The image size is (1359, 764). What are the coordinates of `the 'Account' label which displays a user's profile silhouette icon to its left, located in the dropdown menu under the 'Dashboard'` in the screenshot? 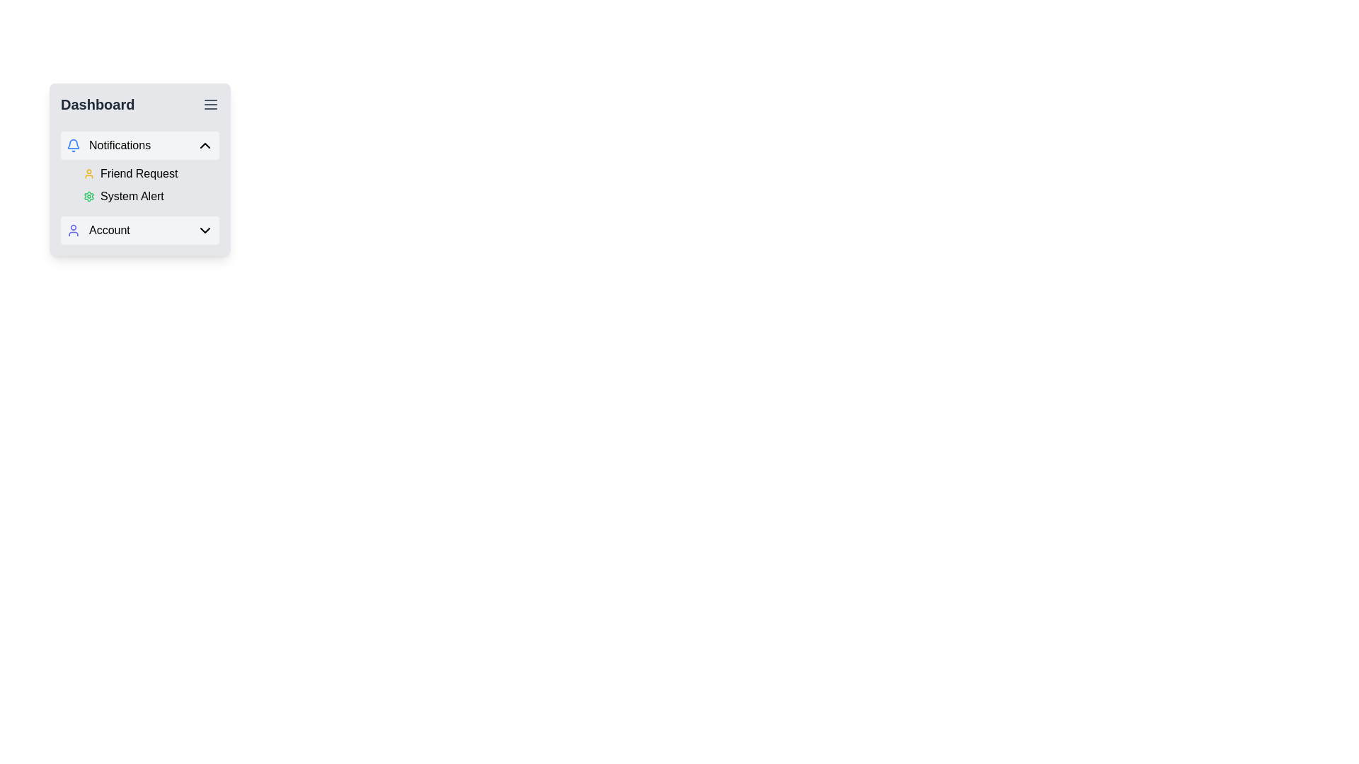 It's located at (97, 230).